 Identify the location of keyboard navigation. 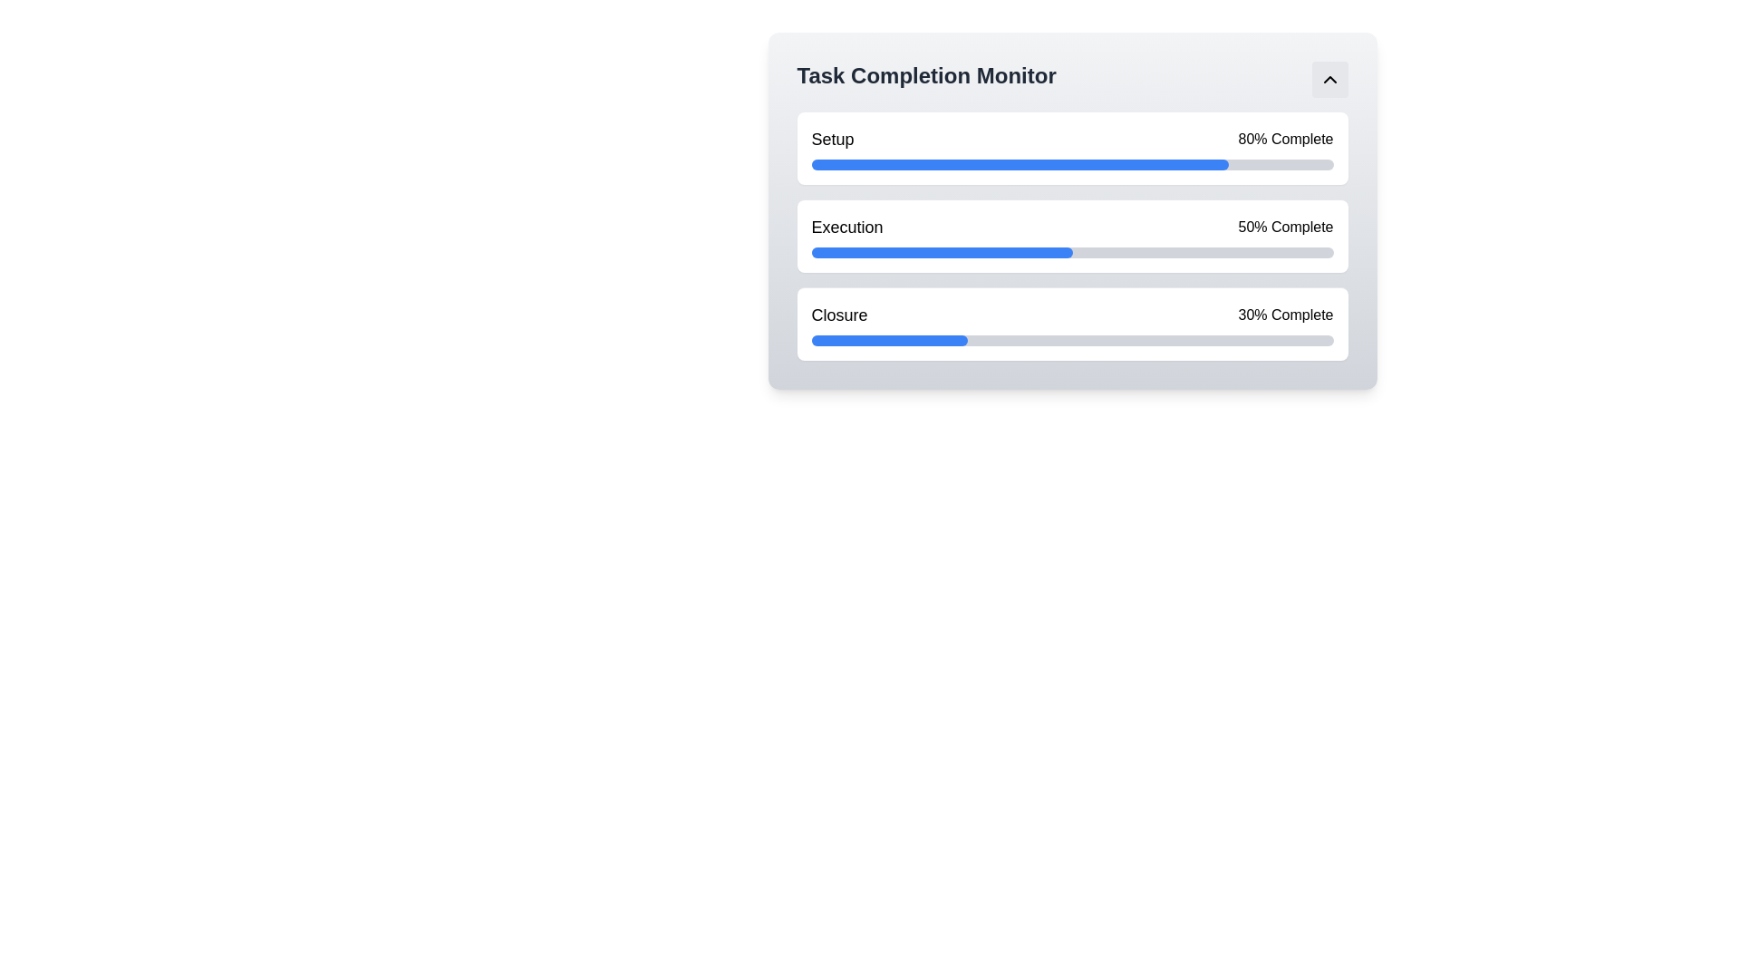
(1329, 79).